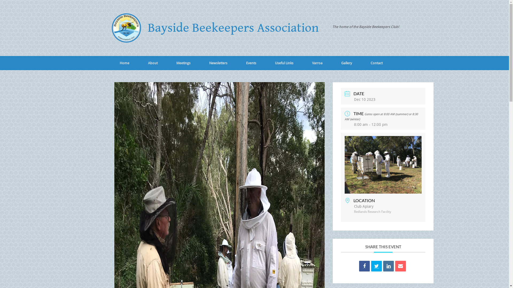  I want to click on 'Meetings', so click(183, 63).